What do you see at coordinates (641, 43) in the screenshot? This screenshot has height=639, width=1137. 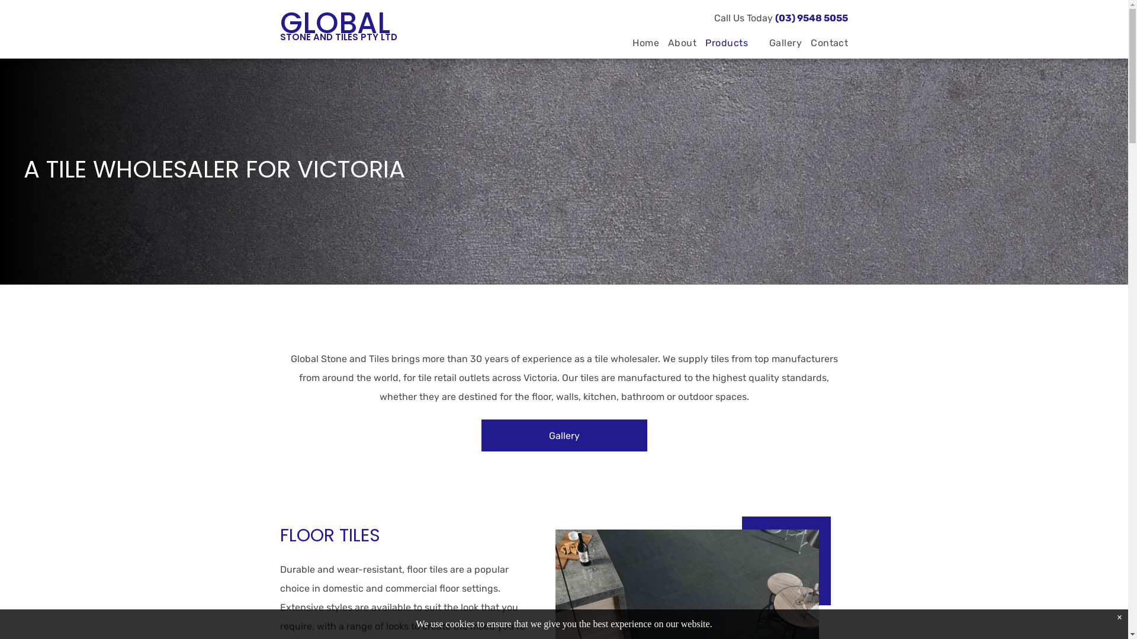 I see `'Home'` at bounding box center [641, 43].